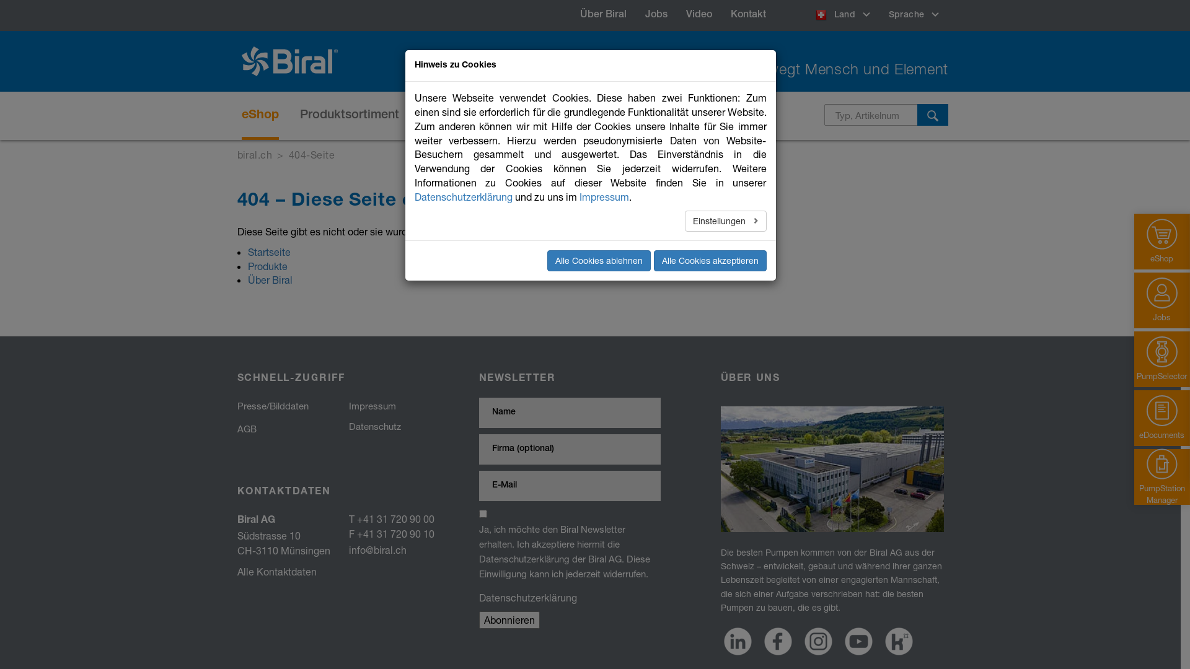 This screenshot has width=1190, height=669. I want to click on 'Produkte', so click(267, 265).